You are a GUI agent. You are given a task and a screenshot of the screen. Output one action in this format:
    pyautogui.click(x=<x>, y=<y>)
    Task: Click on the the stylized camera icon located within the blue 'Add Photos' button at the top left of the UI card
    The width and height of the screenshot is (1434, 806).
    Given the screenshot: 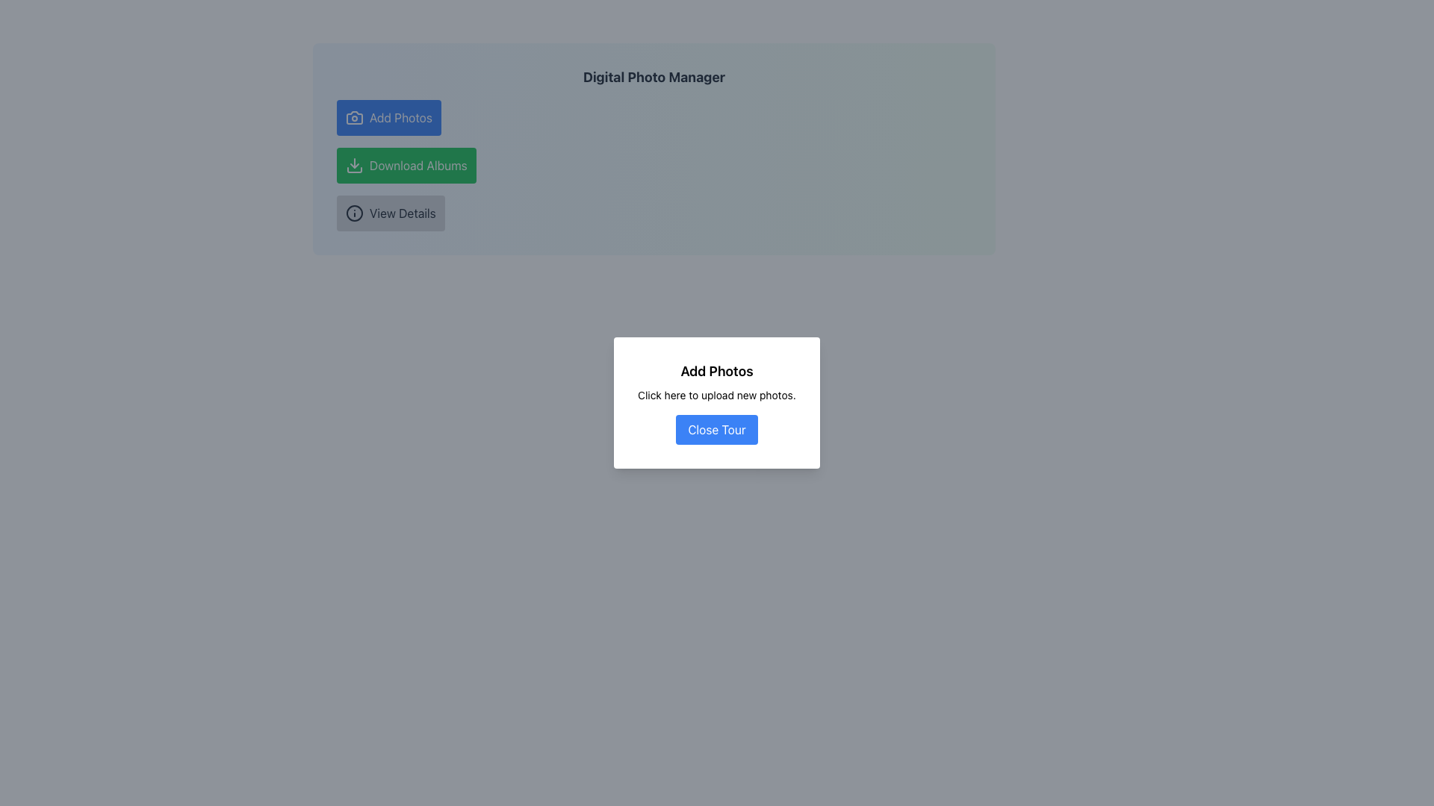 What is the action you would take?
    pyautogui.click(x=354, y=117)
    